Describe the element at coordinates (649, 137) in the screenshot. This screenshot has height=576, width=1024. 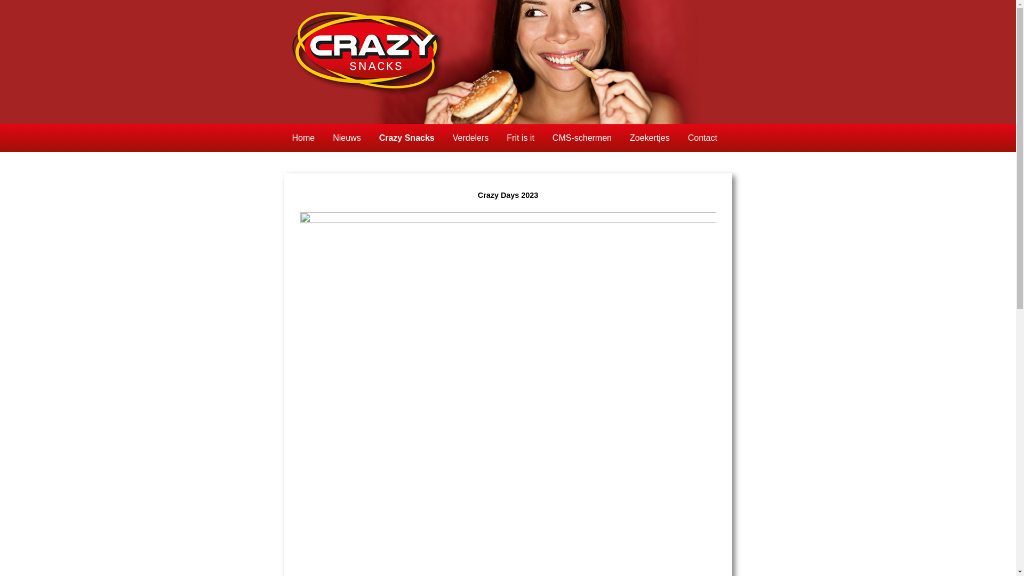
I see `'Zoekertjes'` at that location.